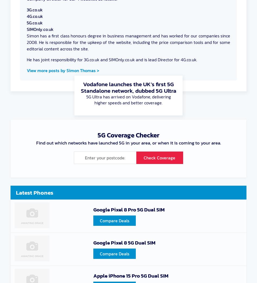 This screenshot has height=283, width=257. I want to click on 'Find out which networks have launched 5G in your area, or when it is coming to your area.', so click(128, 143).